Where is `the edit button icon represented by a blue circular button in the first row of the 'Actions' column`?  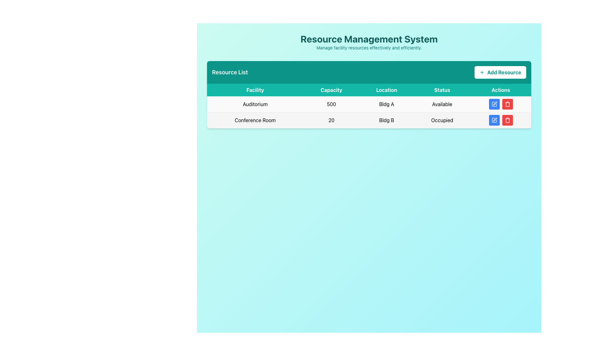
the edit button icon represented by a blue circular button in the first row of the 'Actions' column is located at coordinates (494, 104).